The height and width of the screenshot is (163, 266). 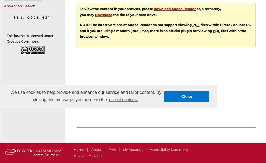 What do you see at coordinates (96, 156) in the screenshot?
I see `'Copyright'` at bounding box center [96, 156].